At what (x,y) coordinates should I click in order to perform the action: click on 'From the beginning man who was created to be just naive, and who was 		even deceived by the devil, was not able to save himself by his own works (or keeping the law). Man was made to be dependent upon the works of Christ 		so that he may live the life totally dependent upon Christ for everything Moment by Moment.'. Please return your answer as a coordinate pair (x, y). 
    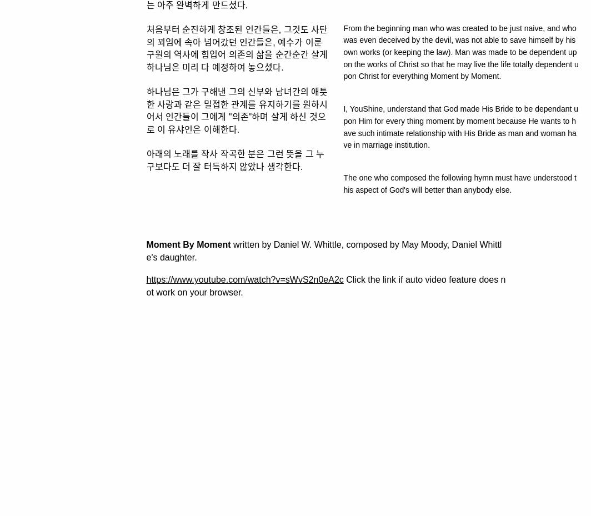
    Looking at the image, I should click on (343, 51).